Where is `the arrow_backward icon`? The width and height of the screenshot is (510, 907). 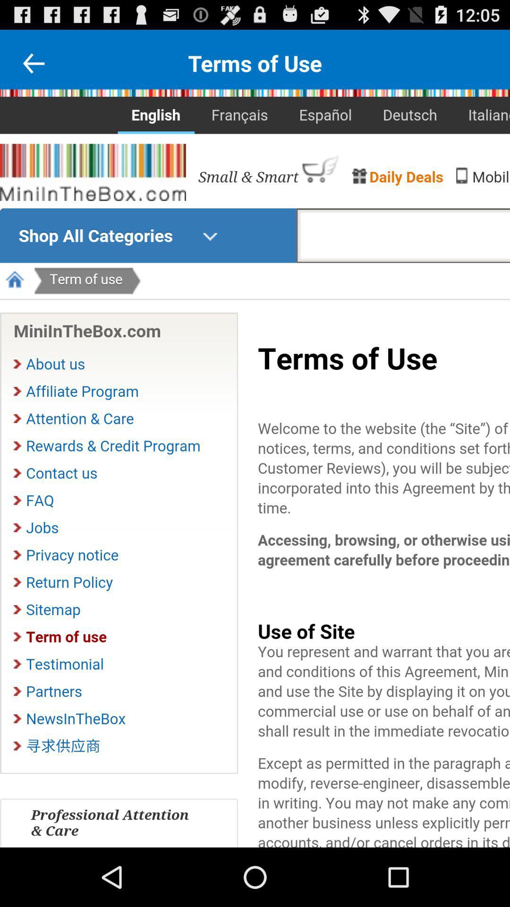 the arrow_backward icon is located at coordinates (33, 67).